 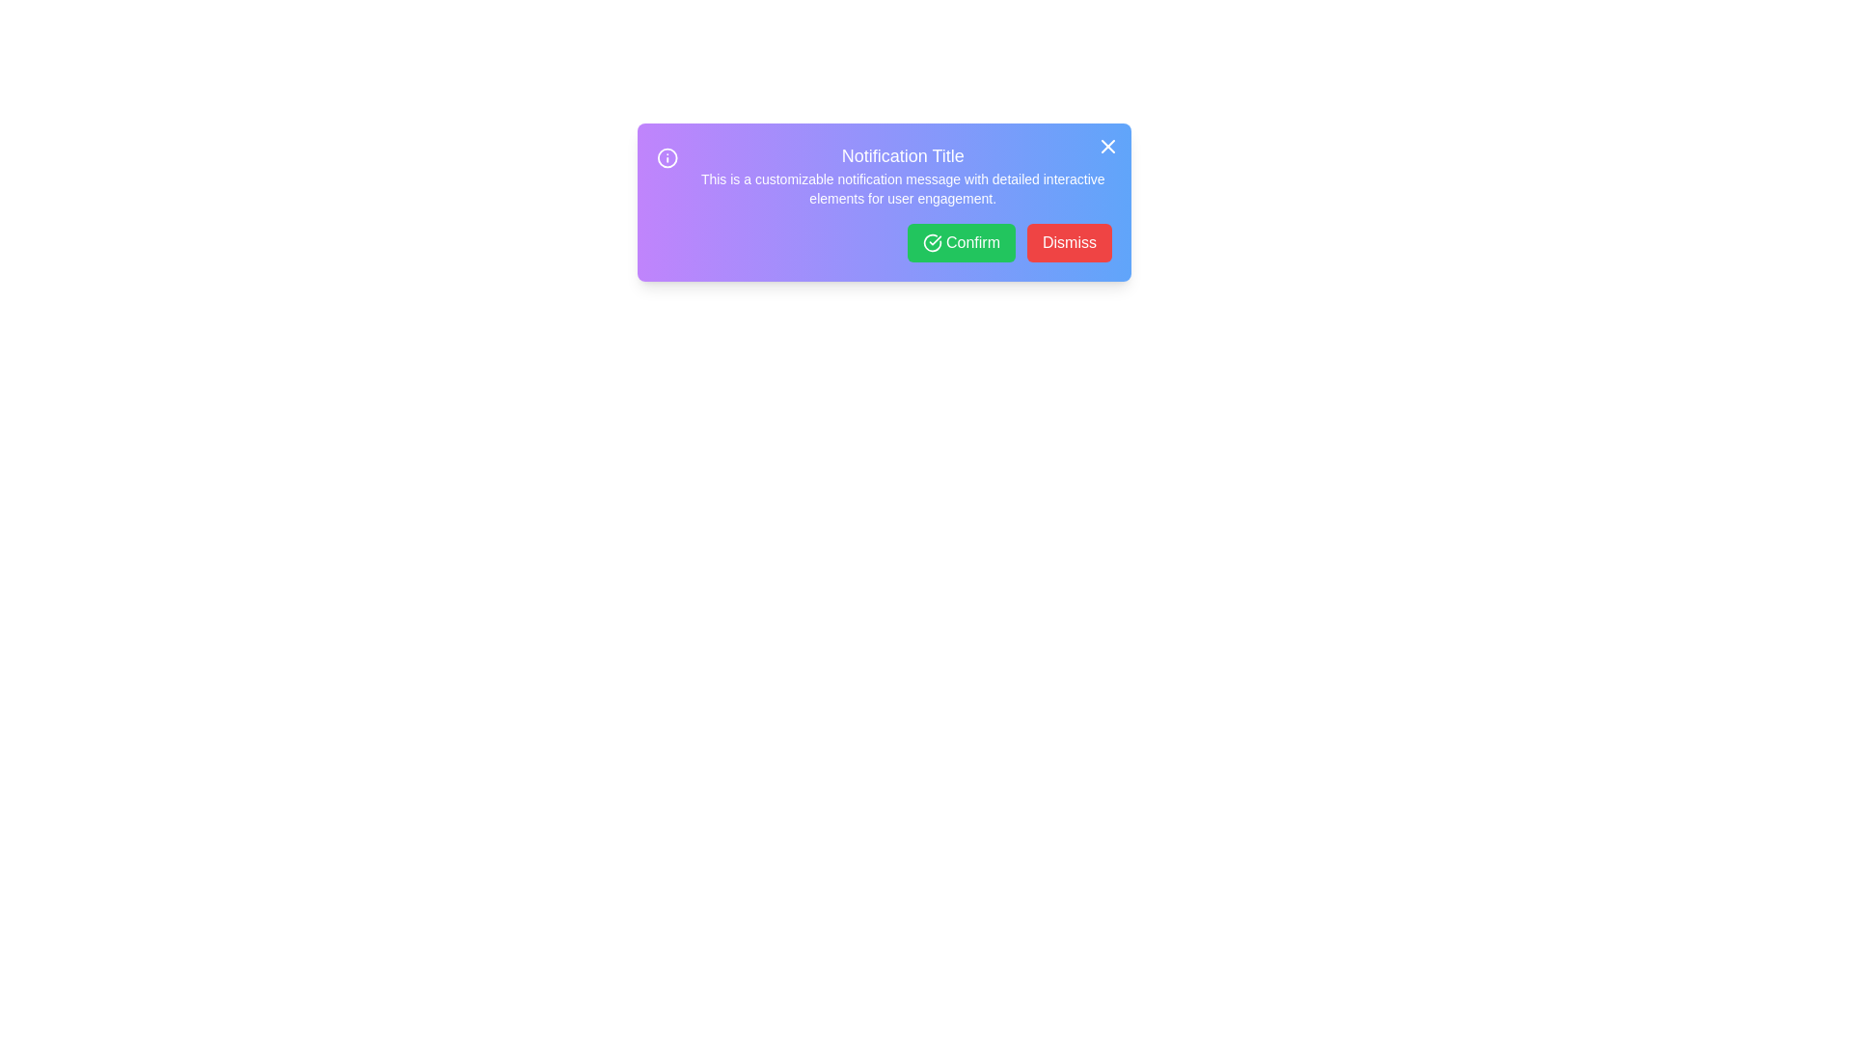 What do you see at coordinates (1107, 145) in the screenshot?
I see `the 'X' button in the top-right corner of the notification to close it` at bounding box center [1107, 145].